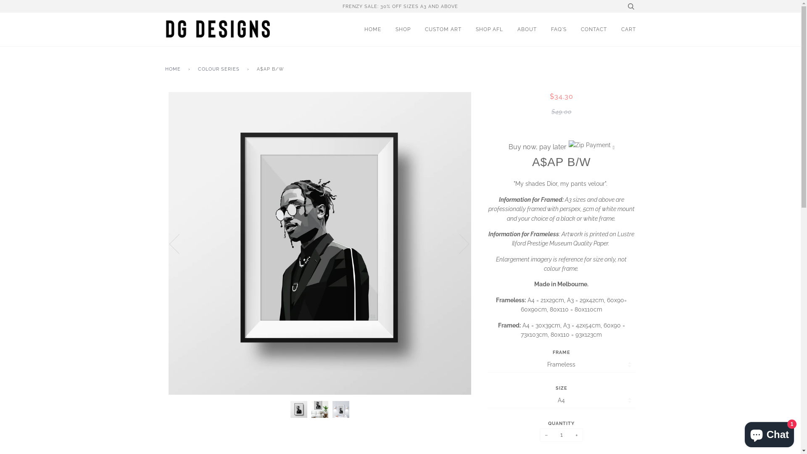 This screenshot has height=454, width=807. Describe the element at coordinates (628, 29) in the screenshot. I see `'CART'` at that location.